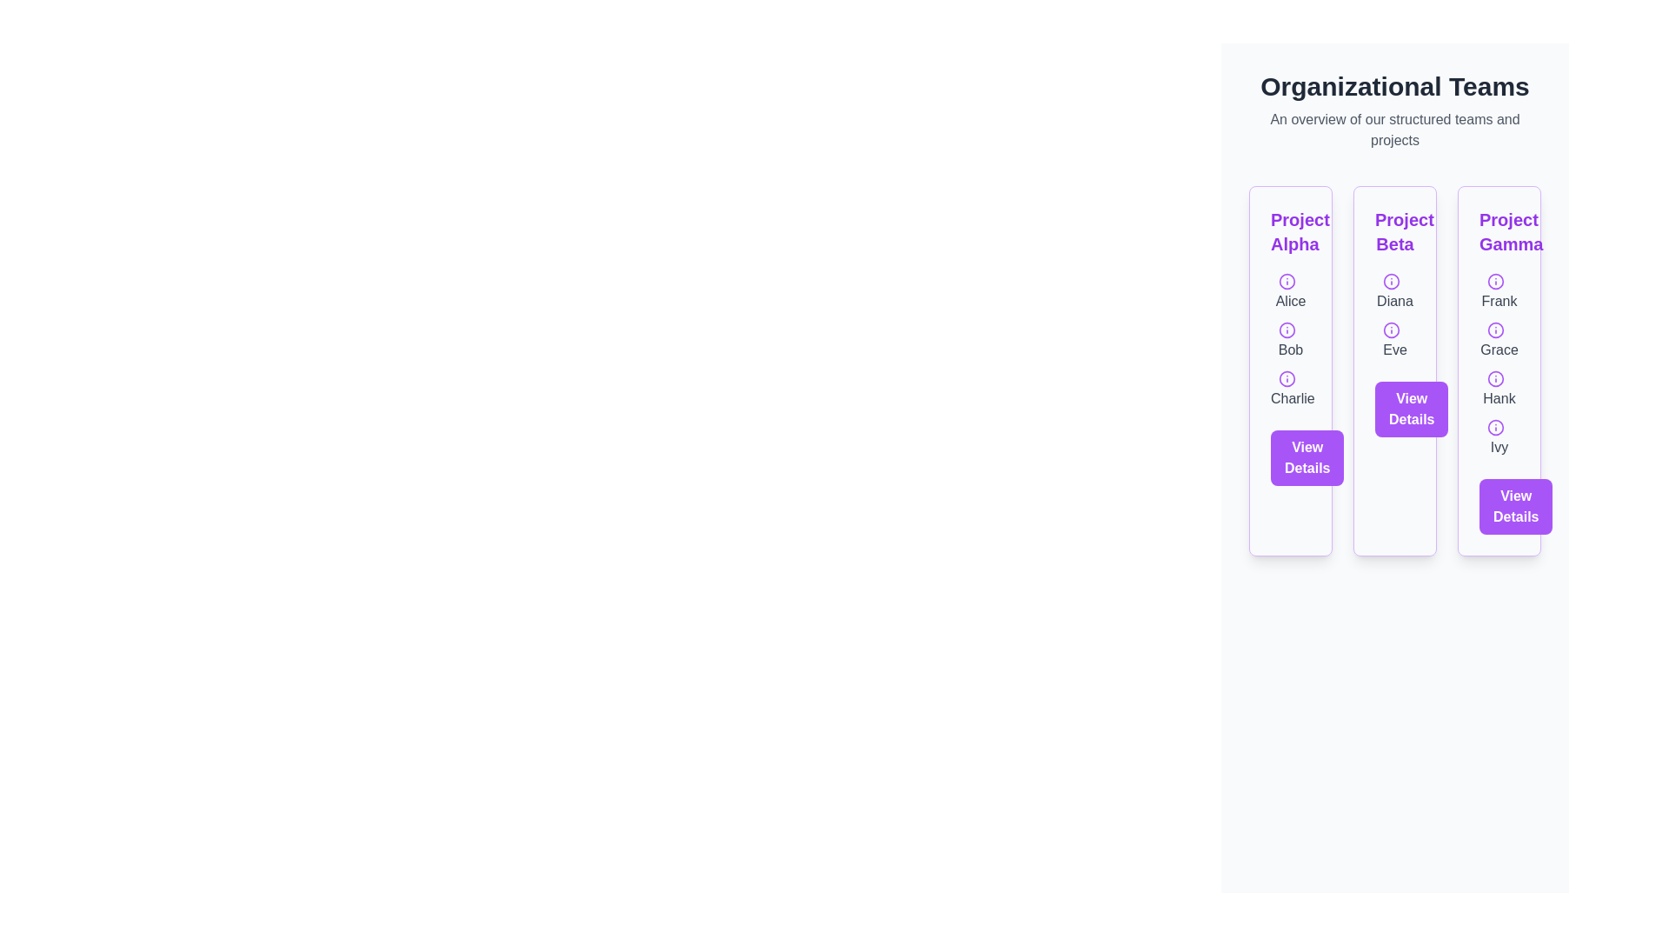 Image resolution: width=1669 pixels, height=939 pixels. Describe the element at coordinates (1412, 409) in the screenshot. I see `the button that allows users` at that location.